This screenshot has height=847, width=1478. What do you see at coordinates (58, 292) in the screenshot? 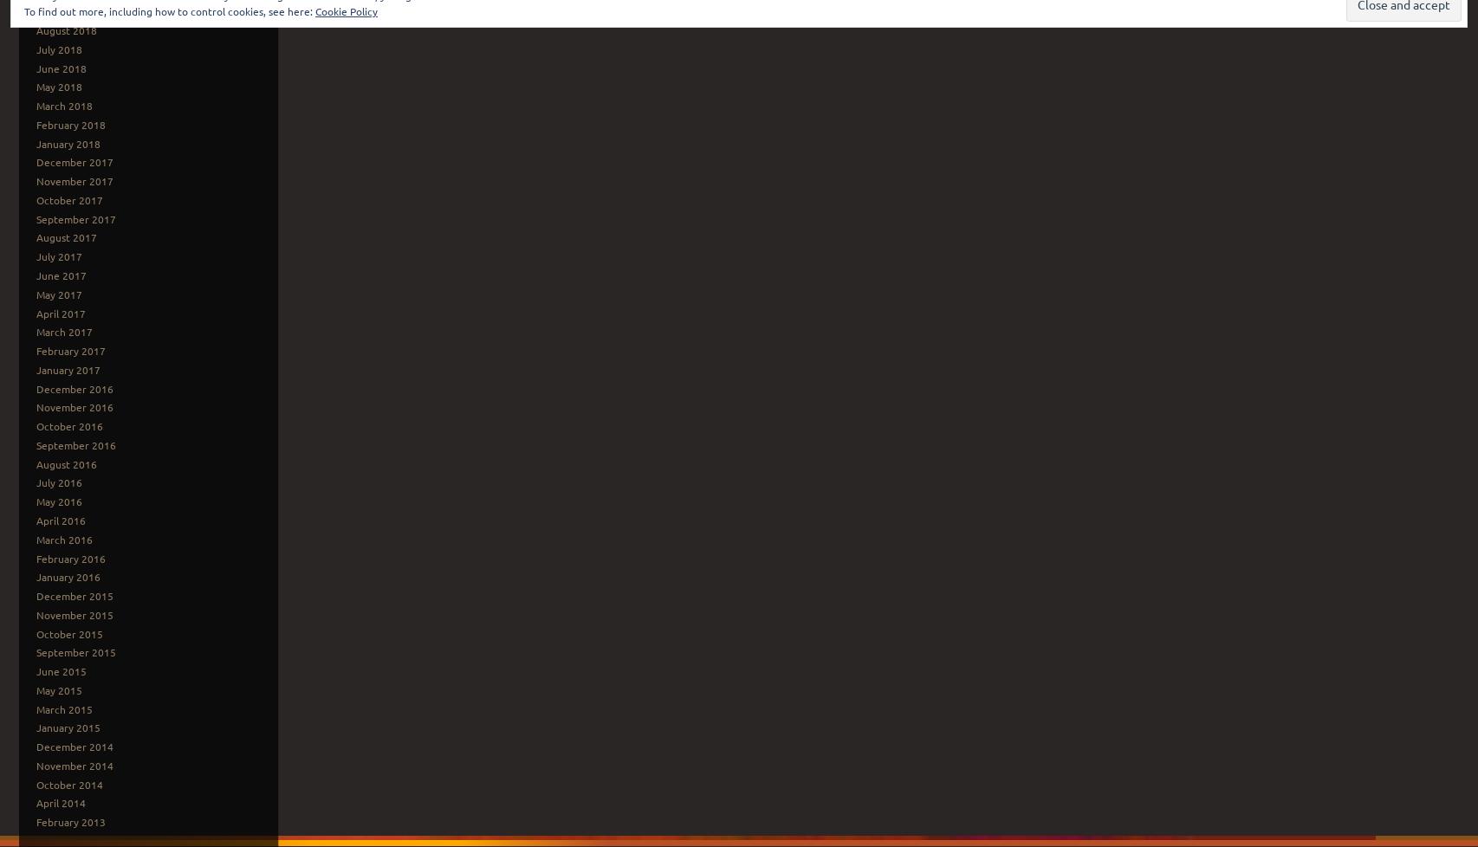
I see `'May 2017'` at bounding box center [58, 292].